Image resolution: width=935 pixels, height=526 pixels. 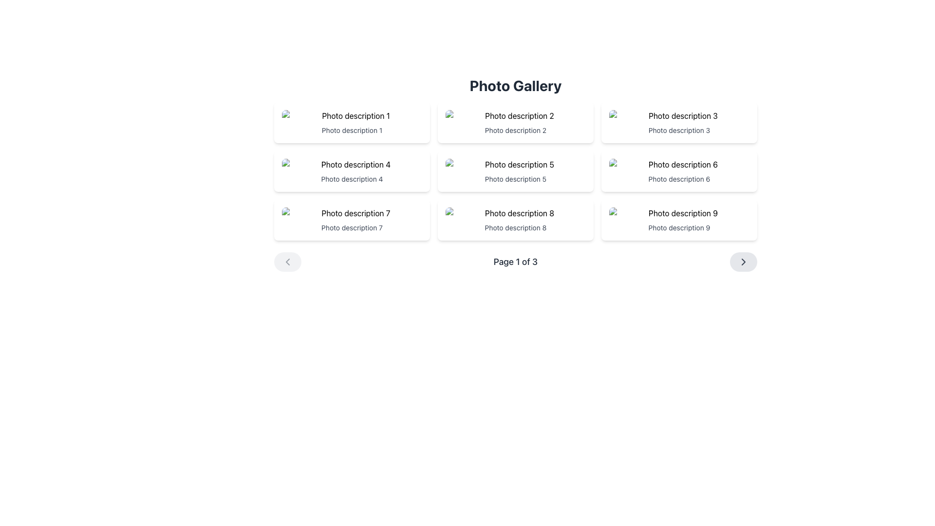 I want to click on the left-facing chevron icon, which is styled as a gray circular button, so click(x=287, y=261).